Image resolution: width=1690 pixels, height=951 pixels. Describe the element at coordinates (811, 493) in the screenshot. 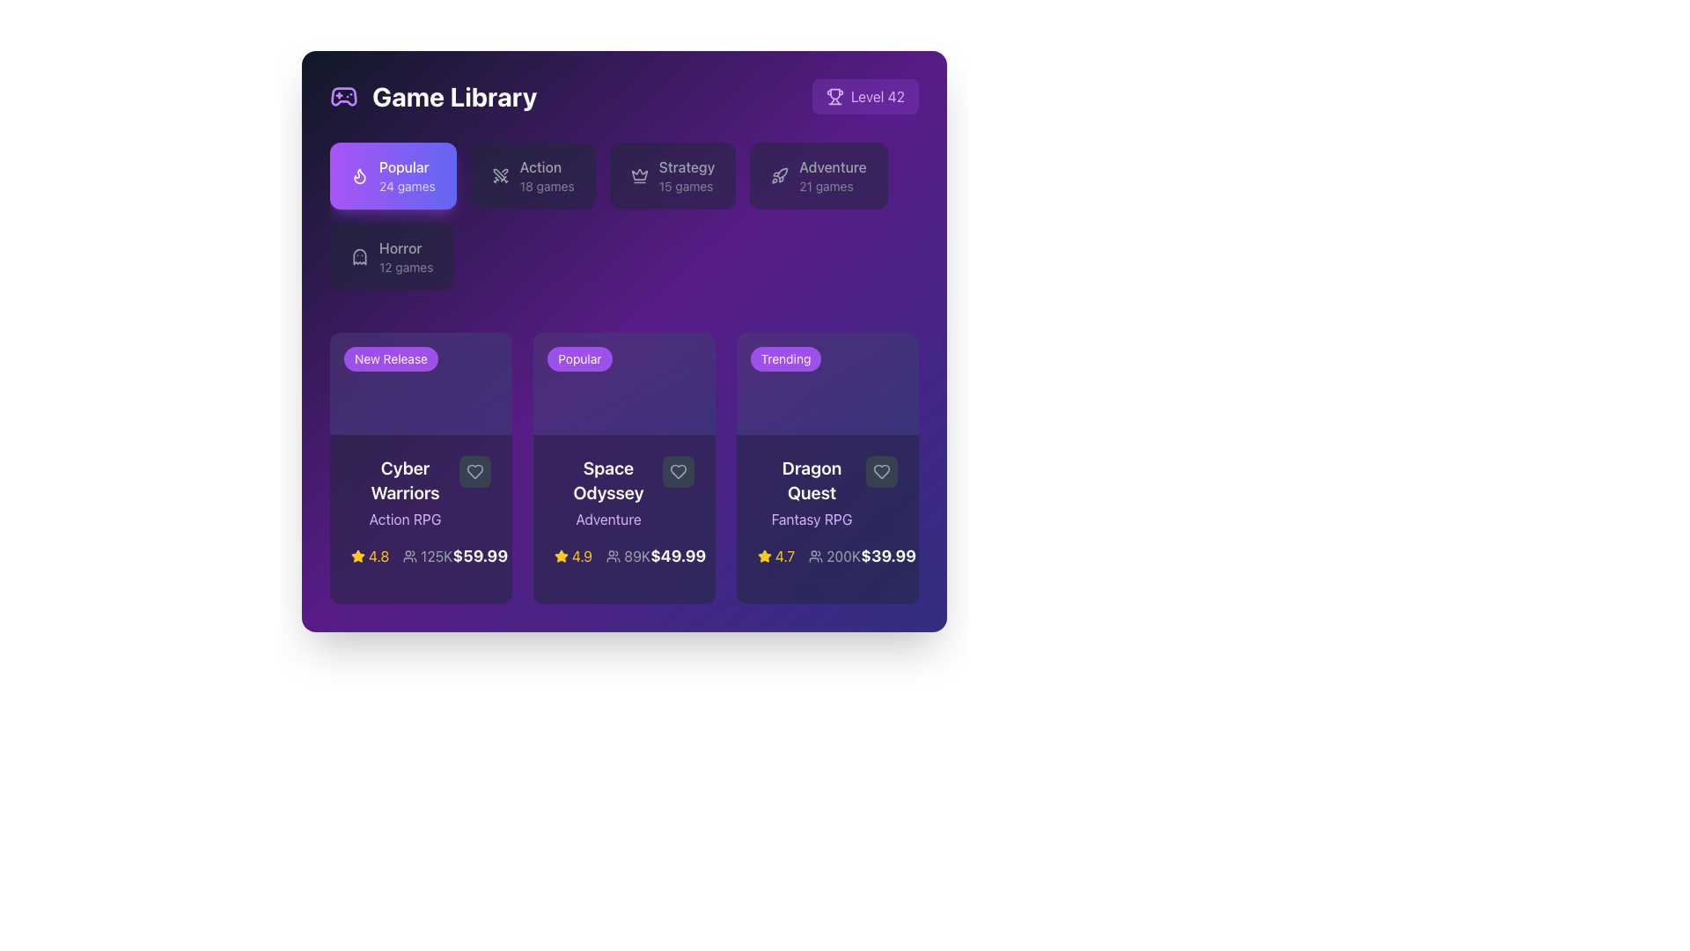

I see `the 'Dragon Quest' text display, which features a bold white title and a light purple subtitle on a dark background, located in the lower-right section of the 'Game Library' interface` at that location.